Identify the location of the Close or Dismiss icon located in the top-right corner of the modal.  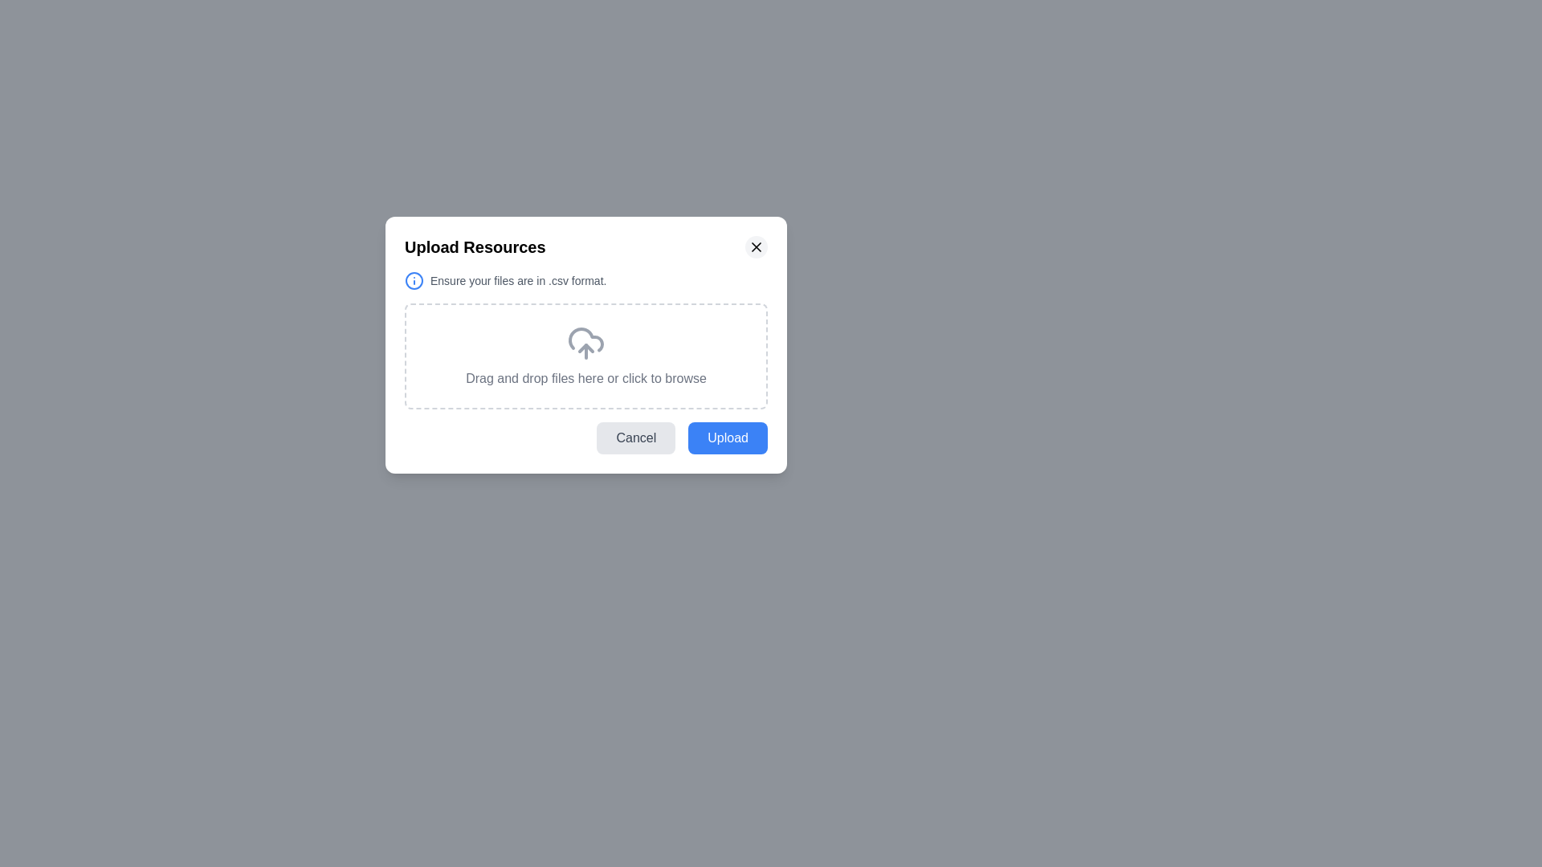
(755, 247).